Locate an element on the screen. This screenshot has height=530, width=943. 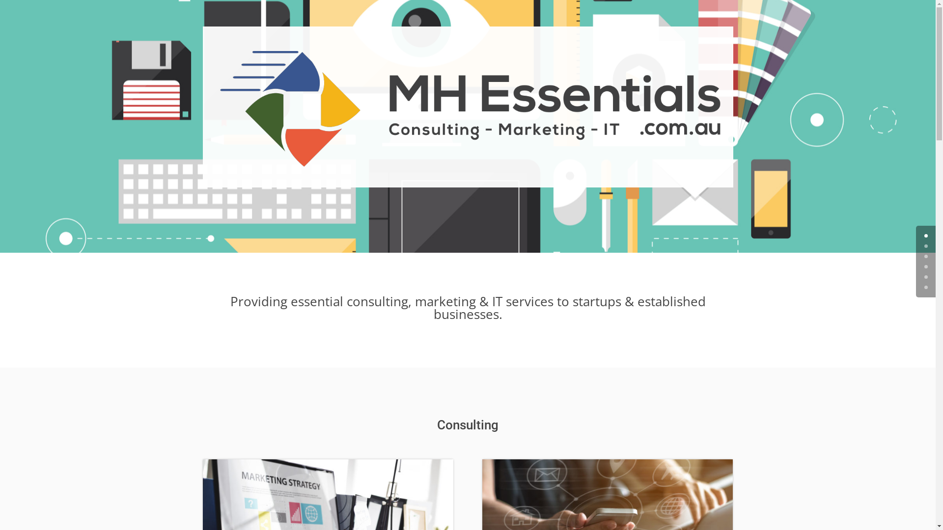
'0' is located at coordinates (923, 236).